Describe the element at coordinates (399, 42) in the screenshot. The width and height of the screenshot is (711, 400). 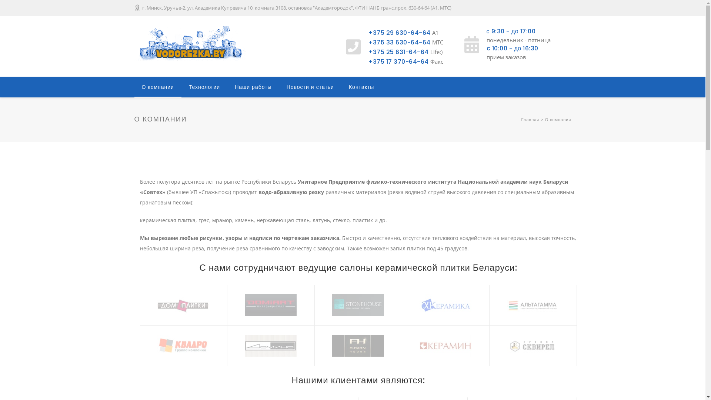
I see `'+375 33 630-64-64'` at that location.